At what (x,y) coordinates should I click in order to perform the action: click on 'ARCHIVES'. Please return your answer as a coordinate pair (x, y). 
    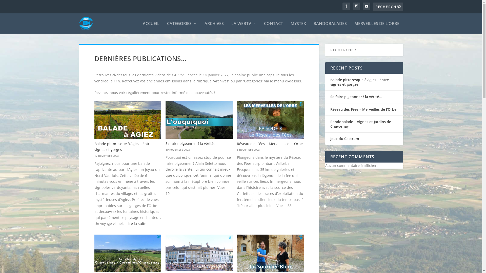
    Looking at the image, I should click on (214, 27).